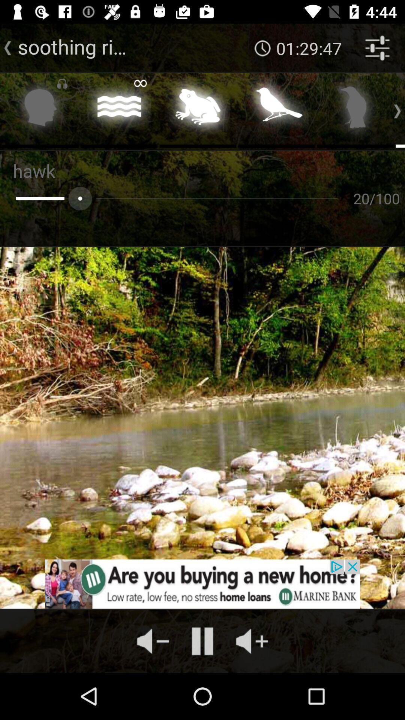  What do you see at coordinates (197, 109) in the screenshot?
I see `easy listening` at bounding box center [197, 109].